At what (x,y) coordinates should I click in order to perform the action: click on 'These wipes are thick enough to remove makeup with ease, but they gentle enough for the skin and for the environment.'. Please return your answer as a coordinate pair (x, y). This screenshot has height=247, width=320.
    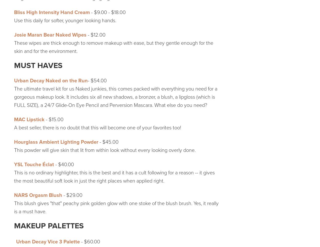
    Looking at the image, I should click on (113, 47).